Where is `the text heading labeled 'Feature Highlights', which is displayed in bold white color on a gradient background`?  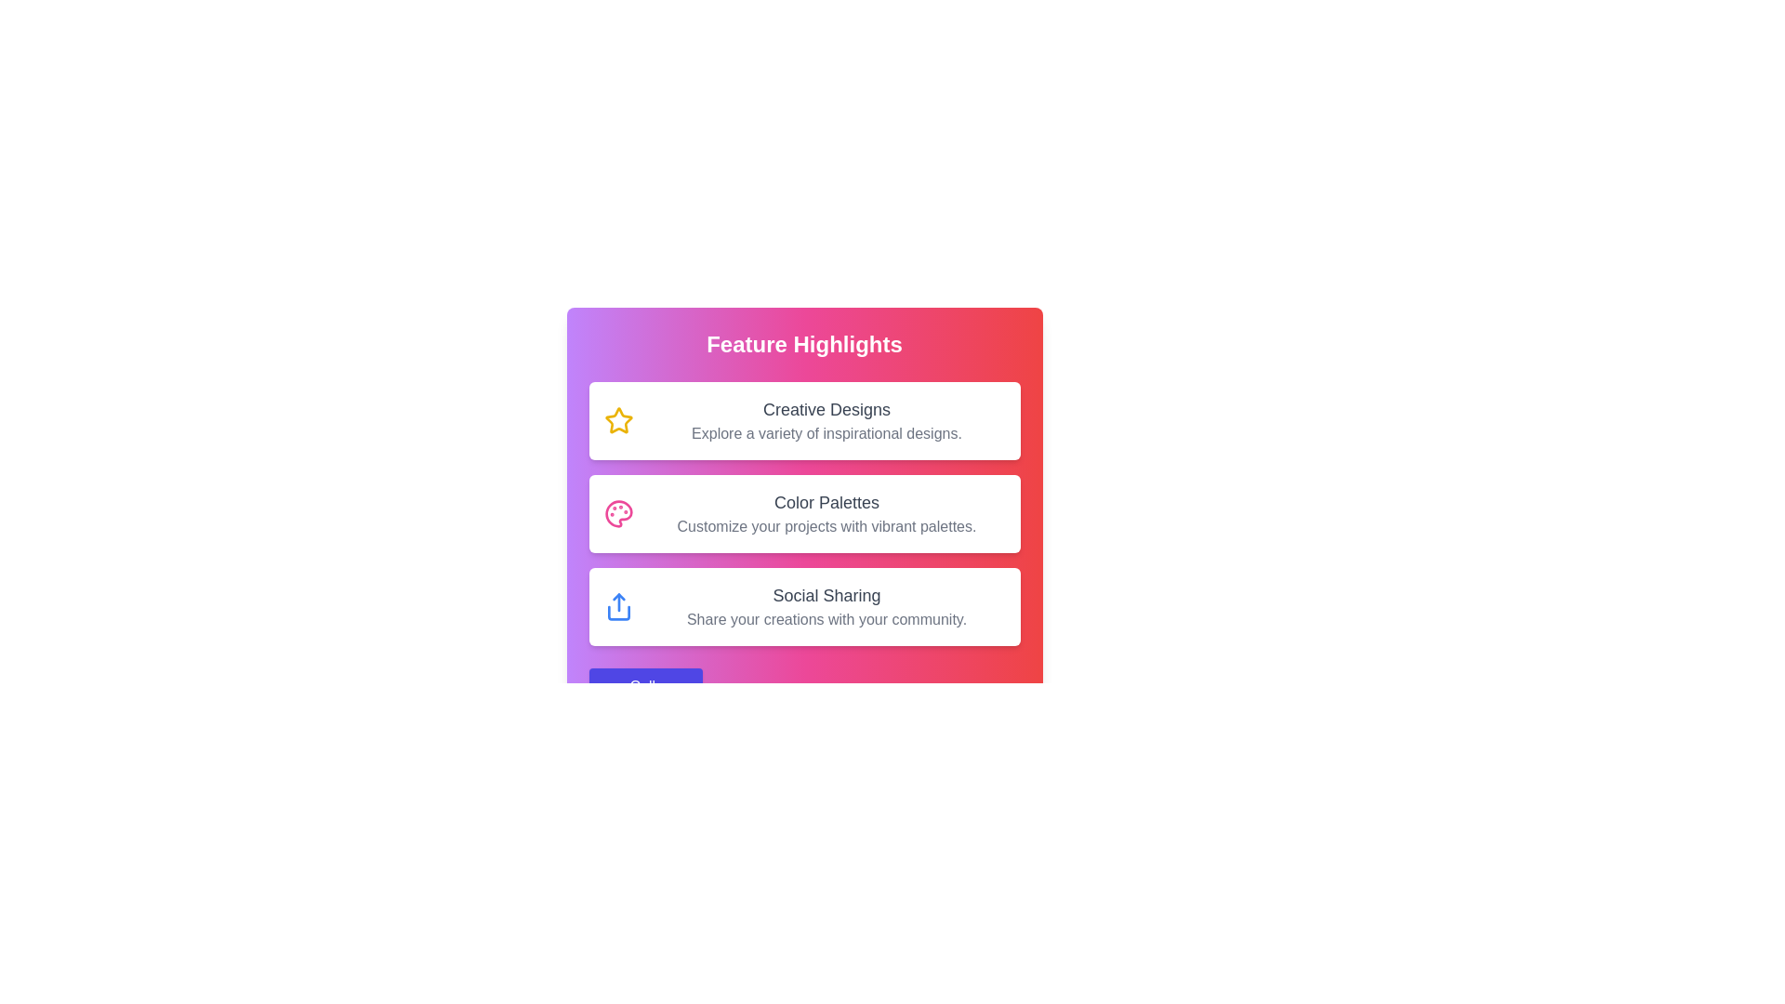 the text heading labeled 'Feature Highlights', which is displayed in bold white color on a gradient background is located at coordinates (804, 344).